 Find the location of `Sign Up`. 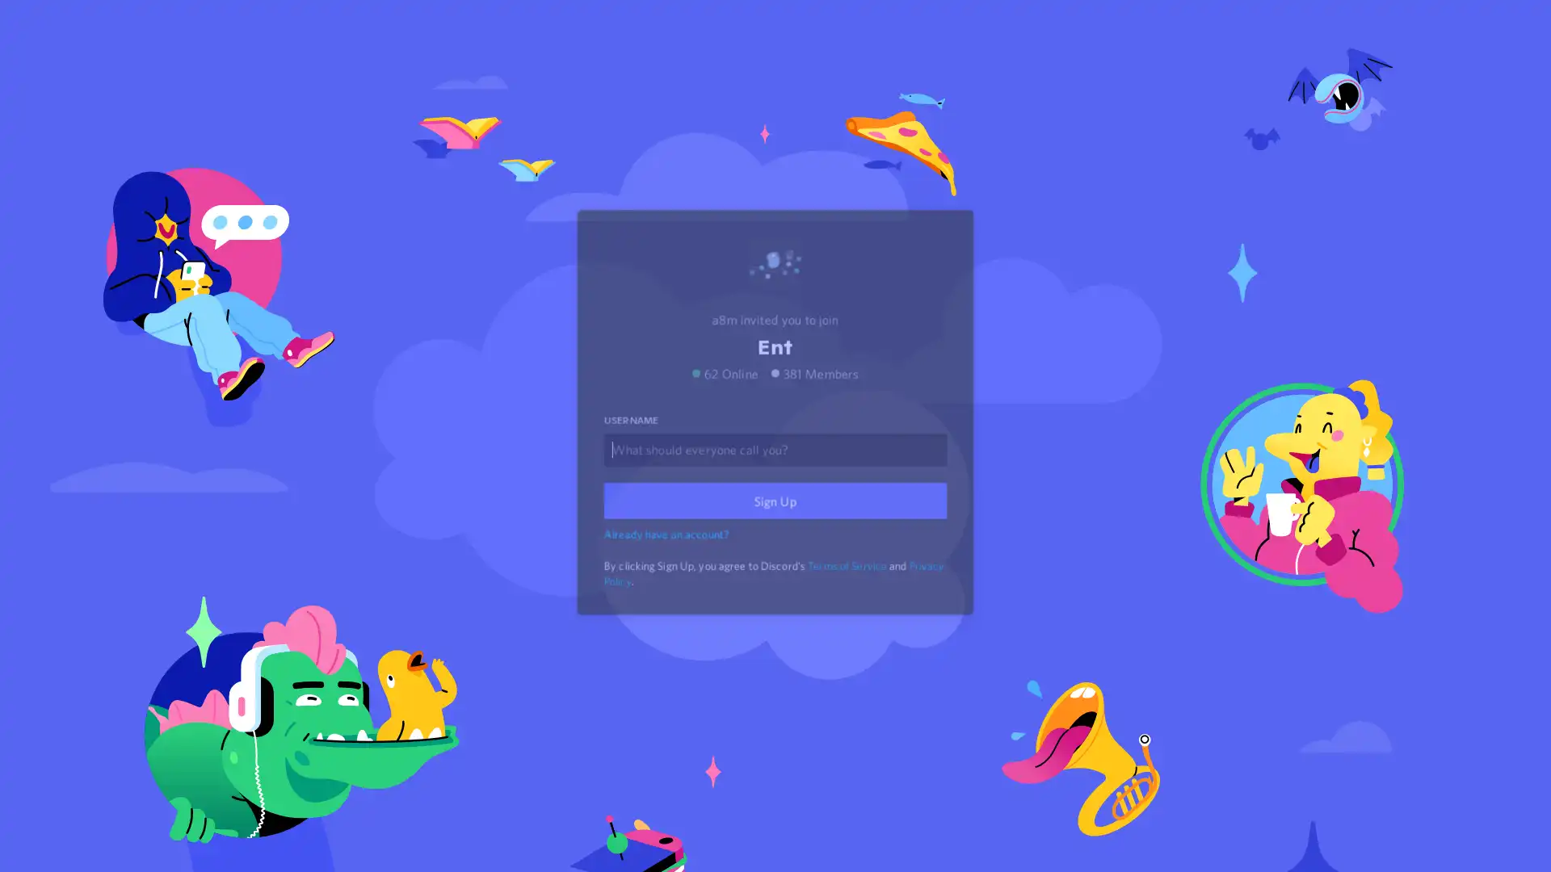

Sign Up is located at coordinates (775, 522).